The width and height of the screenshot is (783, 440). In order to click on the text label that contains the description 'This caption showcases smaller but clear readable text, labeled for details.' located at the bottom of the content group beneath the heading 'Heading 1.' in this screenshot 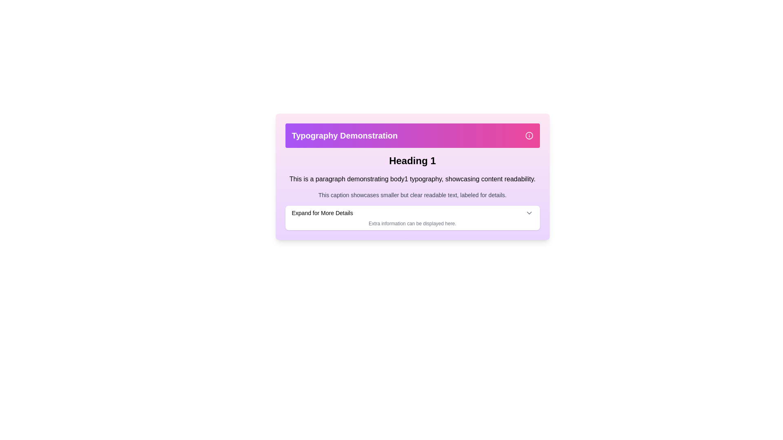, I will do `click(412, 195)`.